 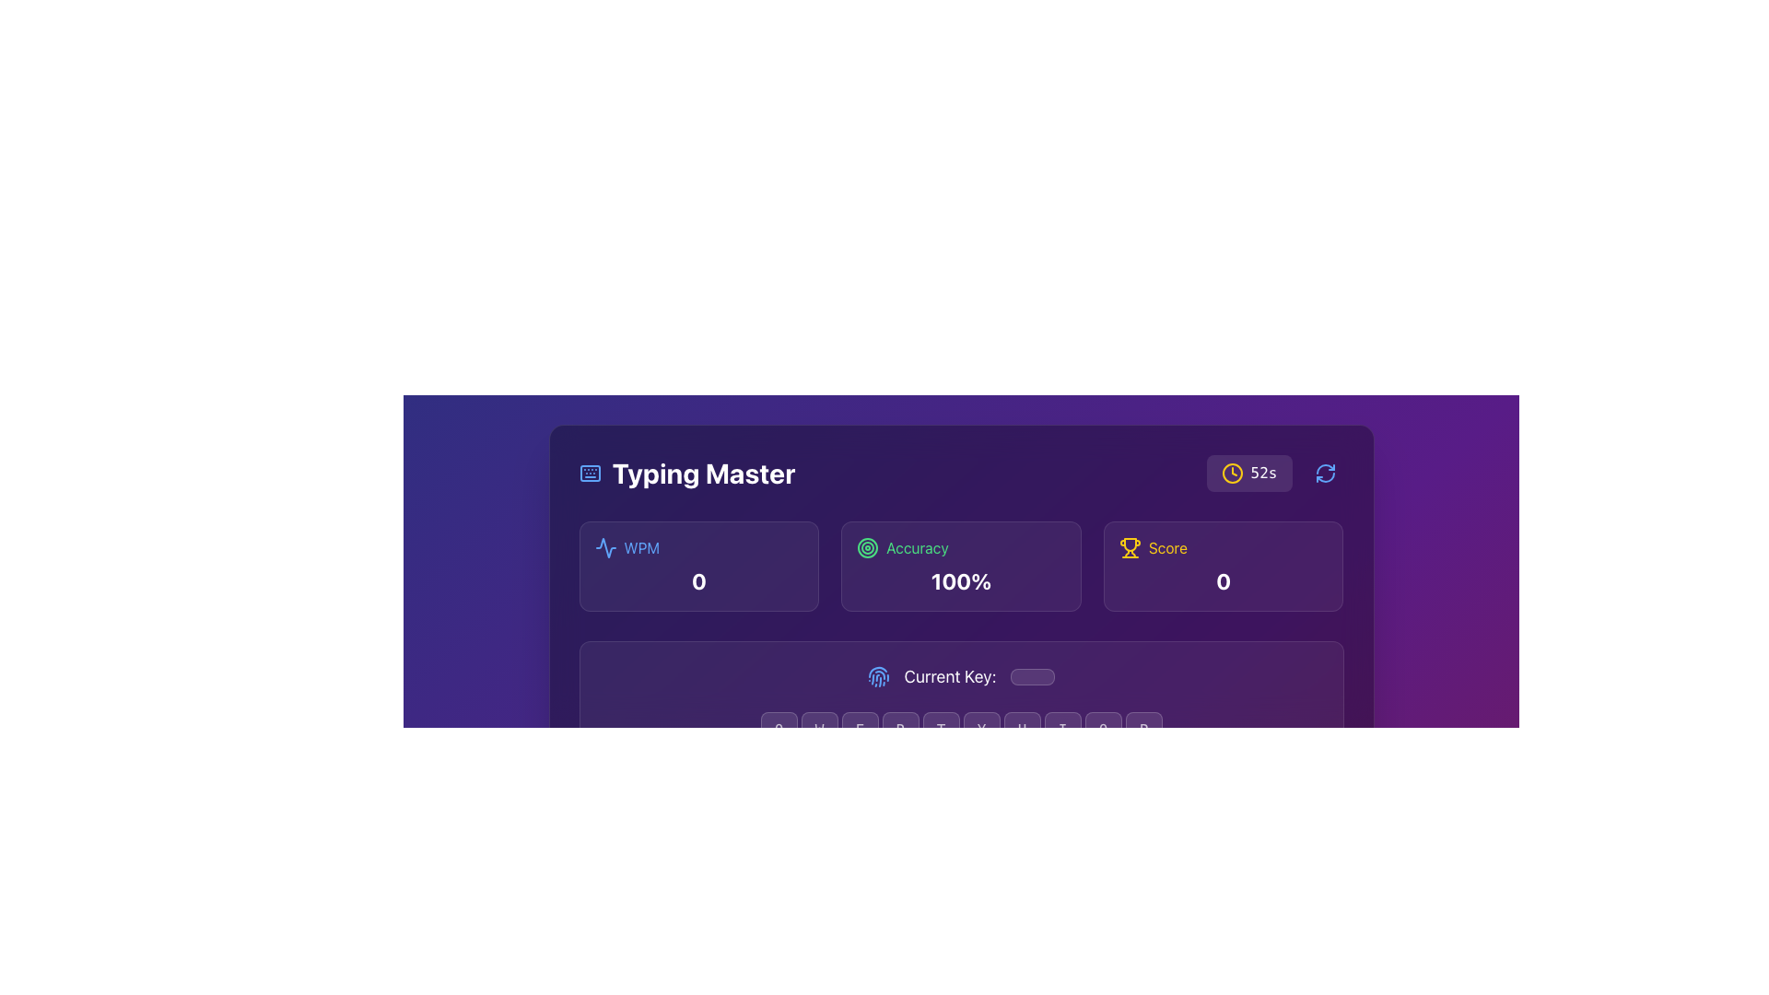 I want to click on the keyboard key corresponding to the character 'C', which is located in the middle row of the keyboard layout as the third button from the left, so click(x=920, y=817).